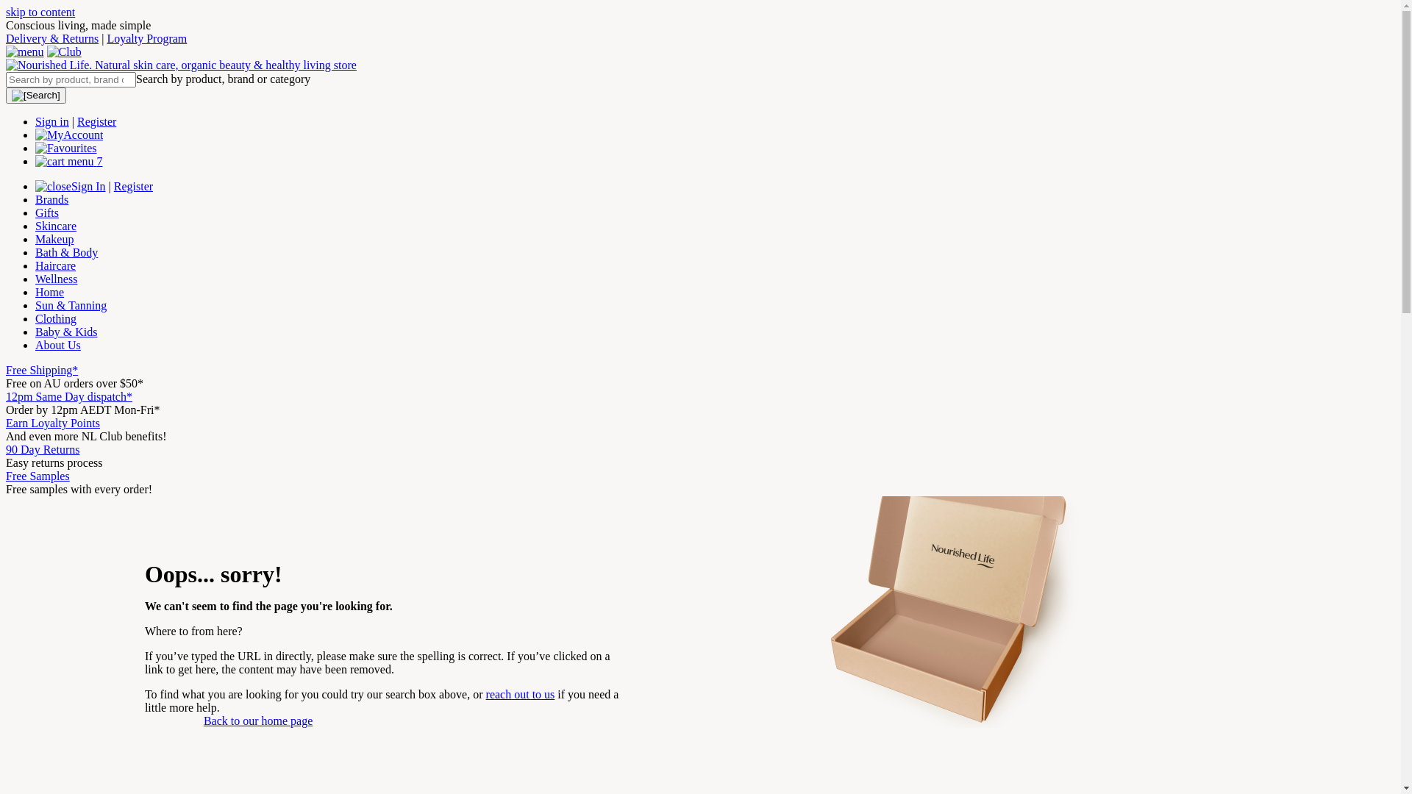 The image size is (1412, 794). Describe the element at coordinates (68, 161) in the screenshot. I see `'7'` at that location.